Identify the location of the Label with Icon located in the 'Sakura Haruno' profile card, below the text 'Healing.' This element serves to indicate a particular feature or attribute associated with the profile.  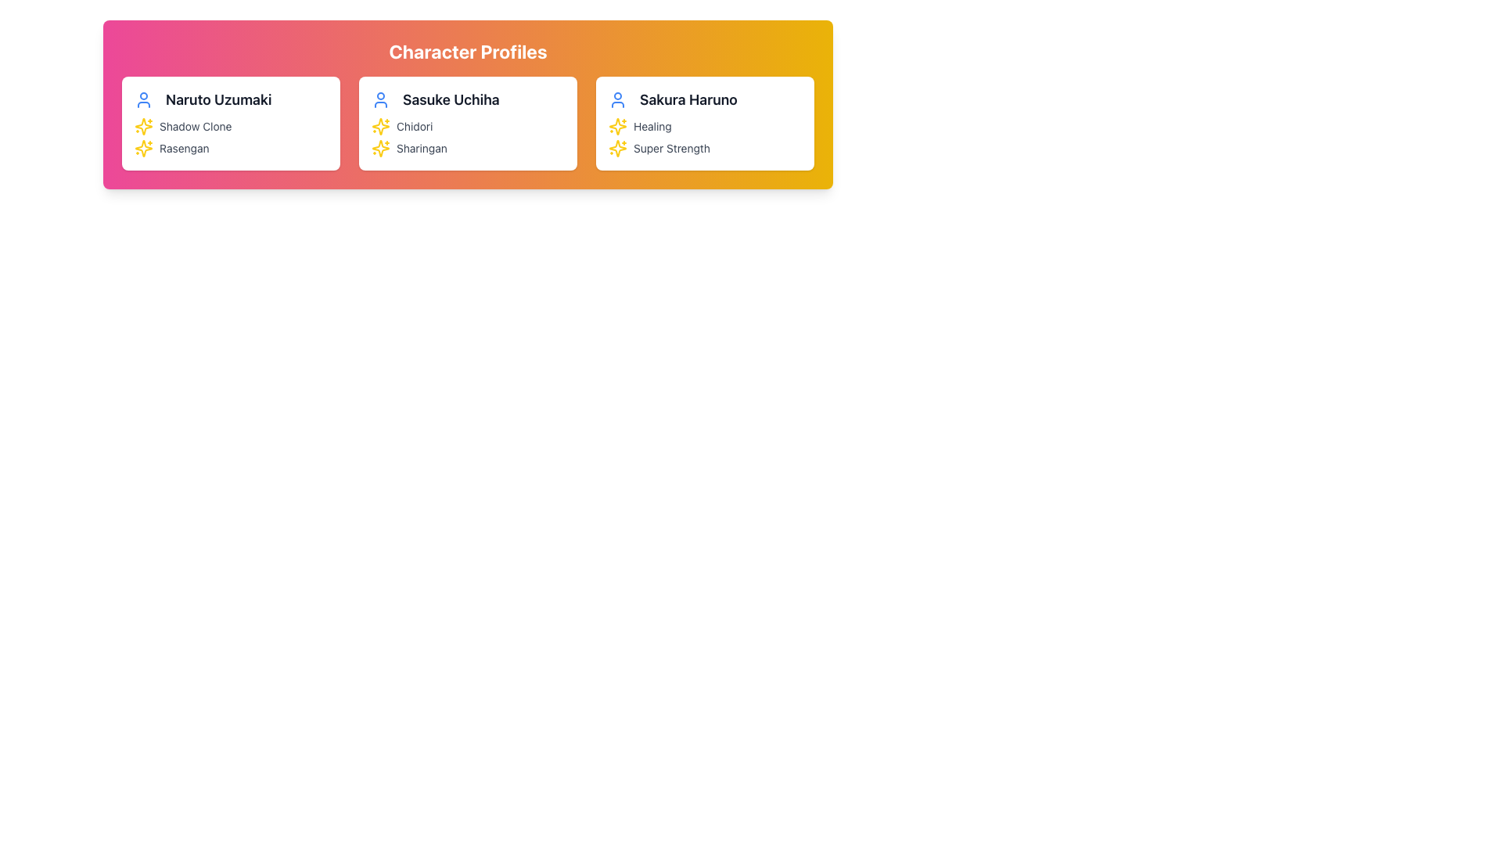
(704, 148).